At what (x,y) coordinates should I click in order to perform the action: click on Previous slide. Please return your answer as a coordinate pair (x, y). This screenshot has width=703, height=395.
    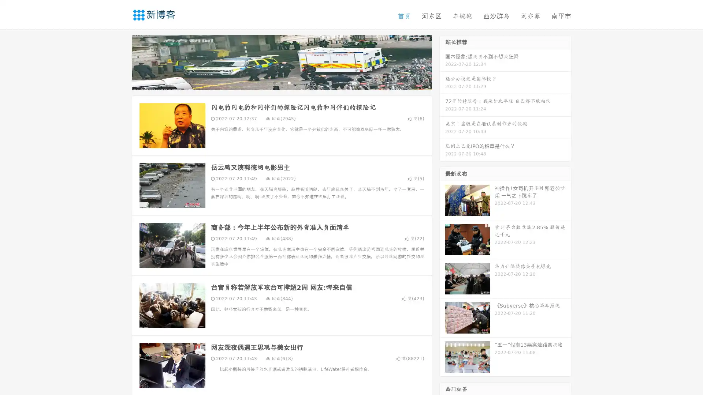
    Looking at the image, I should click on (121, 61).